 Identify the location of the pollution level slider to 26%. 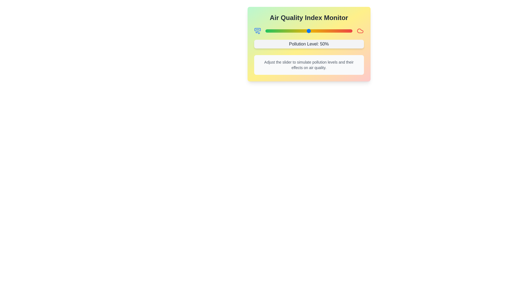
(288, 31).